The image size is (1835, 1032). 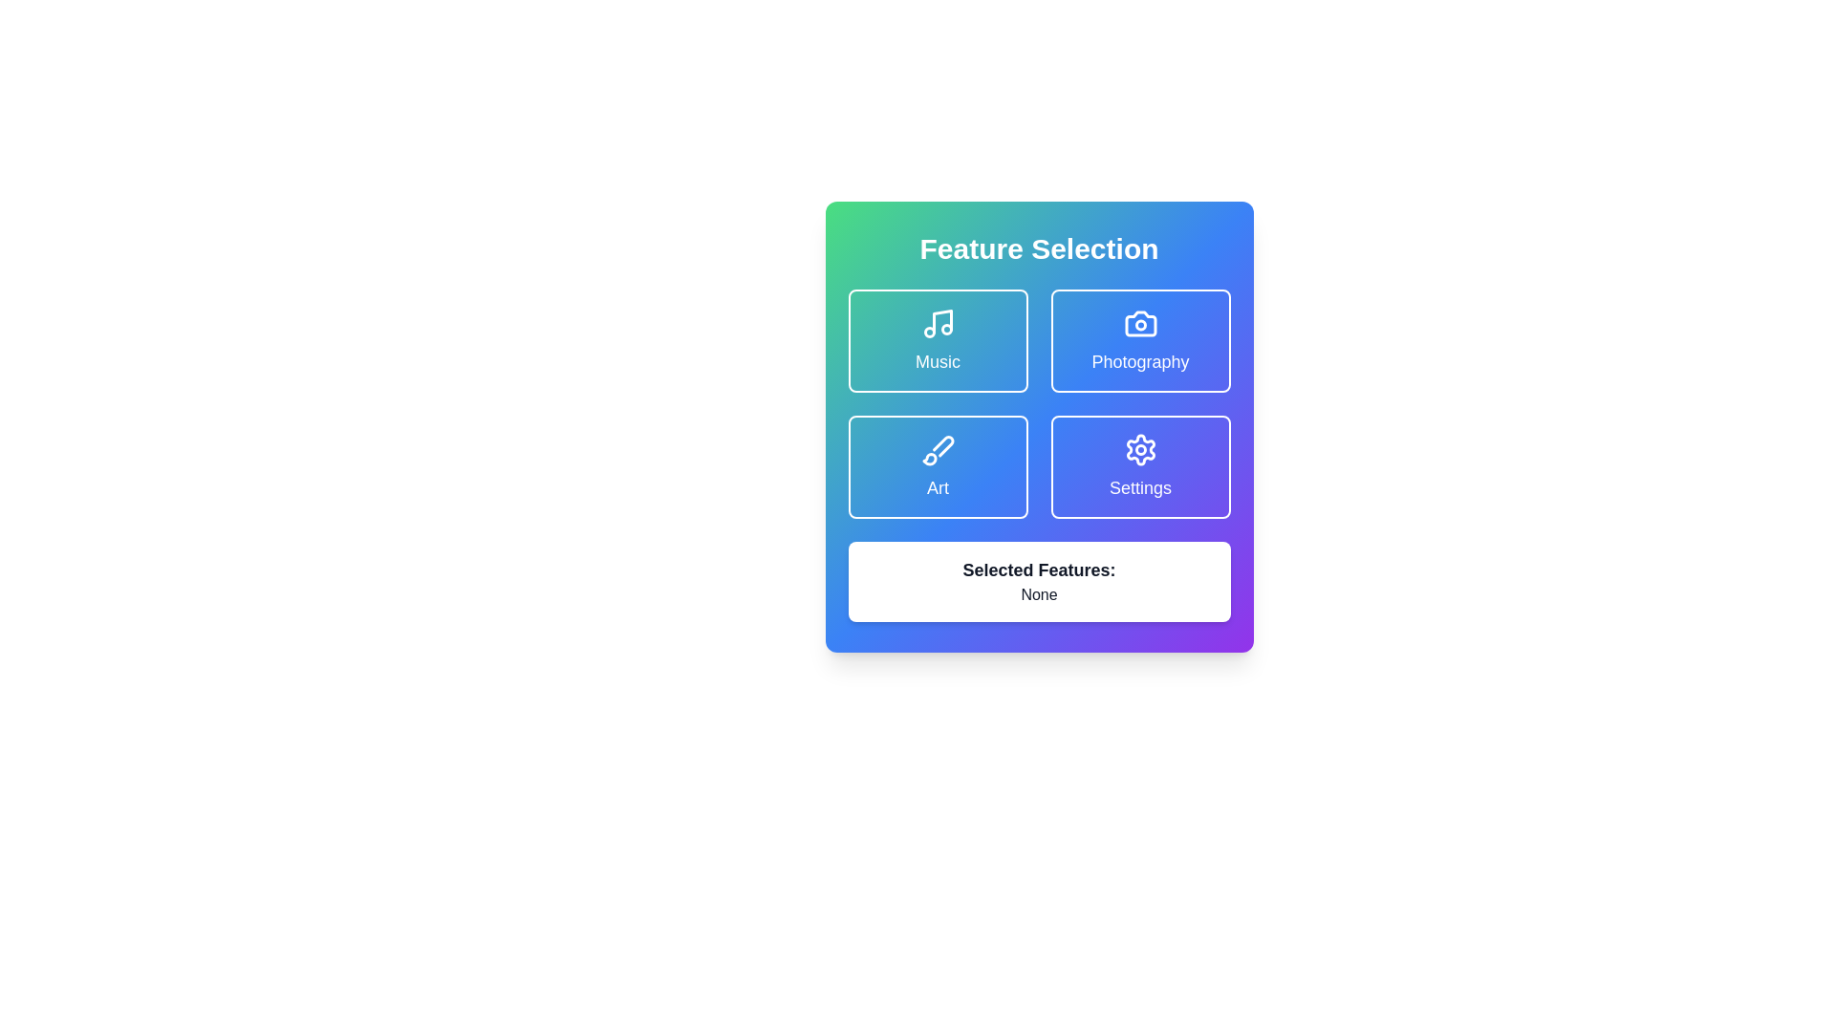 What do you see at coordinates (1038, 594) in the screenshot?
I see `the text label displaying 'None' that is centered within the 'Selected Features:' section of the card styled area` at bounding box center [1038, 594].